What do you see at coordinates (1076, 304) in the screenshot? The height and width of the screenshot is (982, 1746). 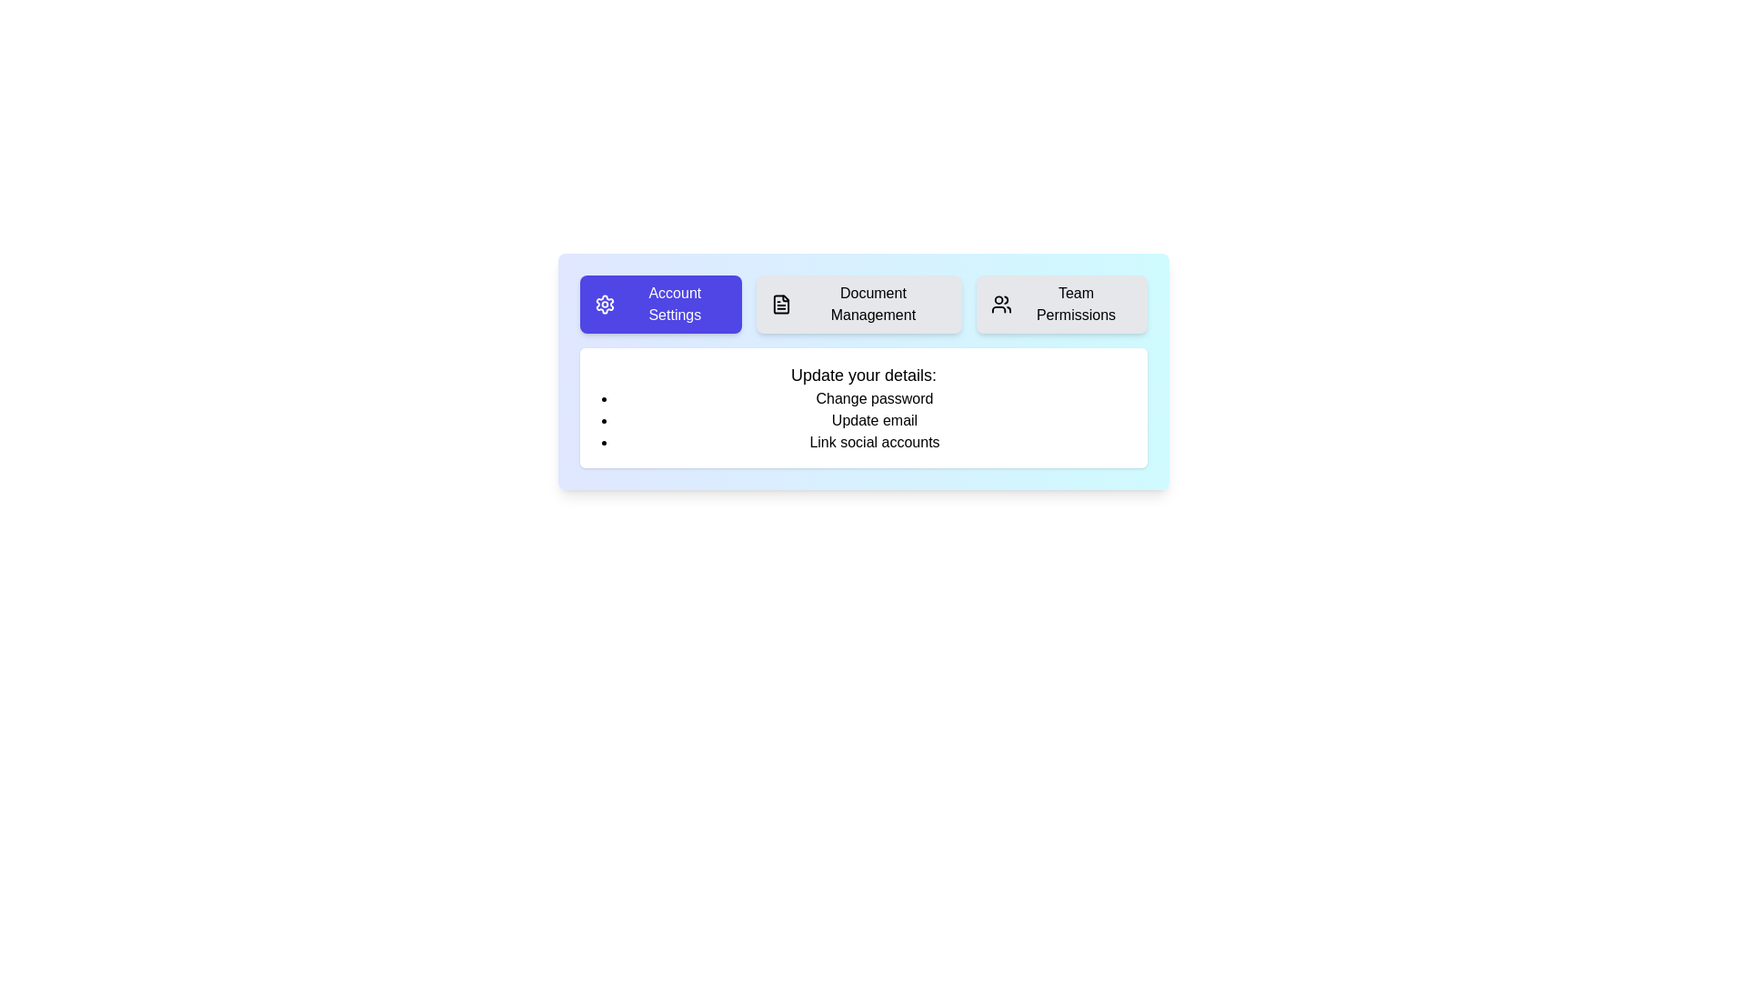 I see `the 'Team Permissions' label, which displays the title in medium font weight on a light gray background, part of the horizontal menu options` at bounding box center [1076, 304].